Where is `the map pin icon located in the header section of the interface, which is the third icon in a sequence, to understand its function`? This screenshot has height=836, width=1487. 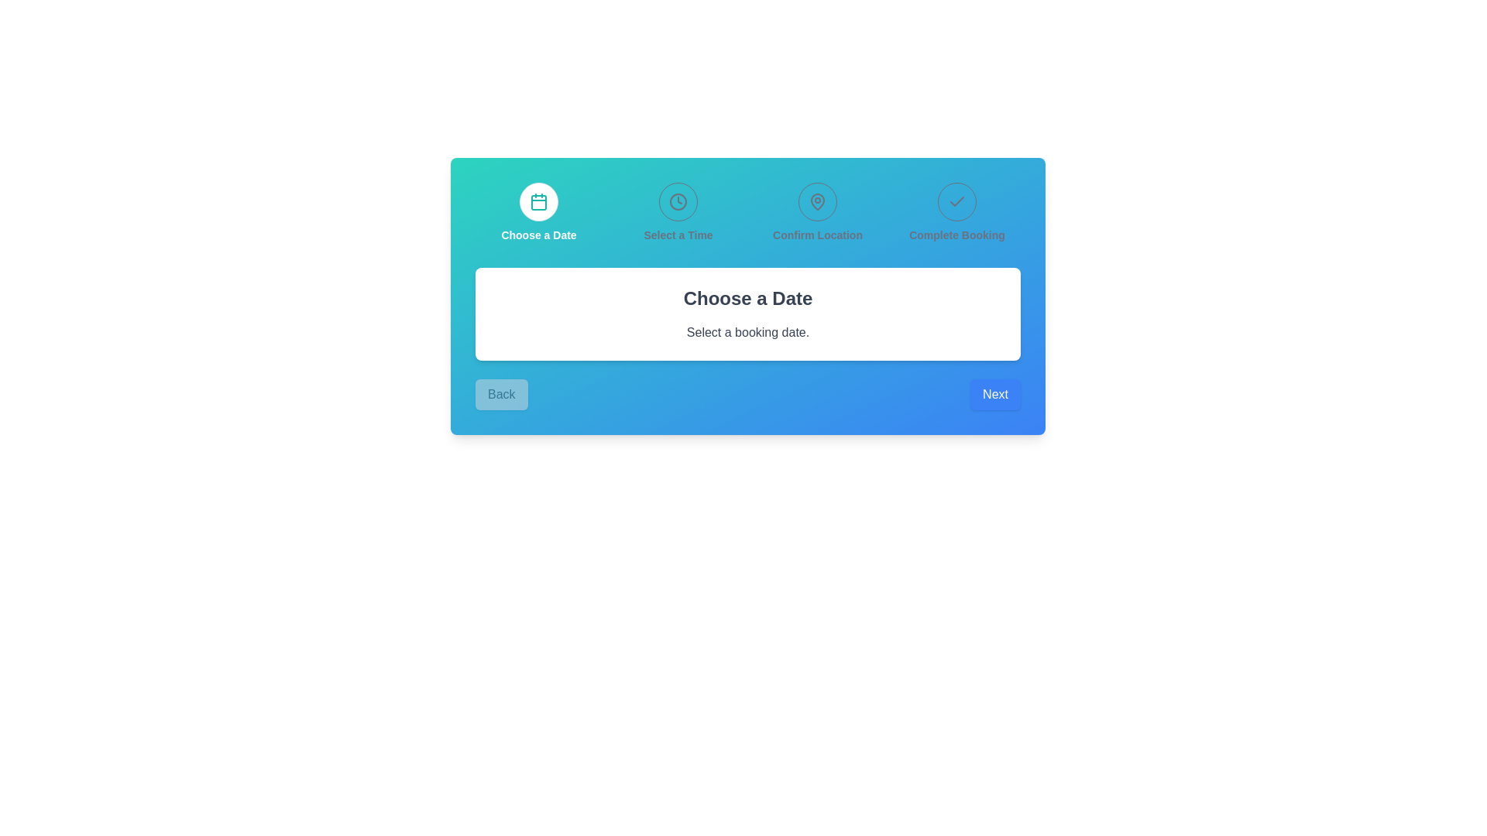
the map pin icon located in the header section of the interface, which is the third icon in a sequence, to understand its function is located at coordinates (817, 201).